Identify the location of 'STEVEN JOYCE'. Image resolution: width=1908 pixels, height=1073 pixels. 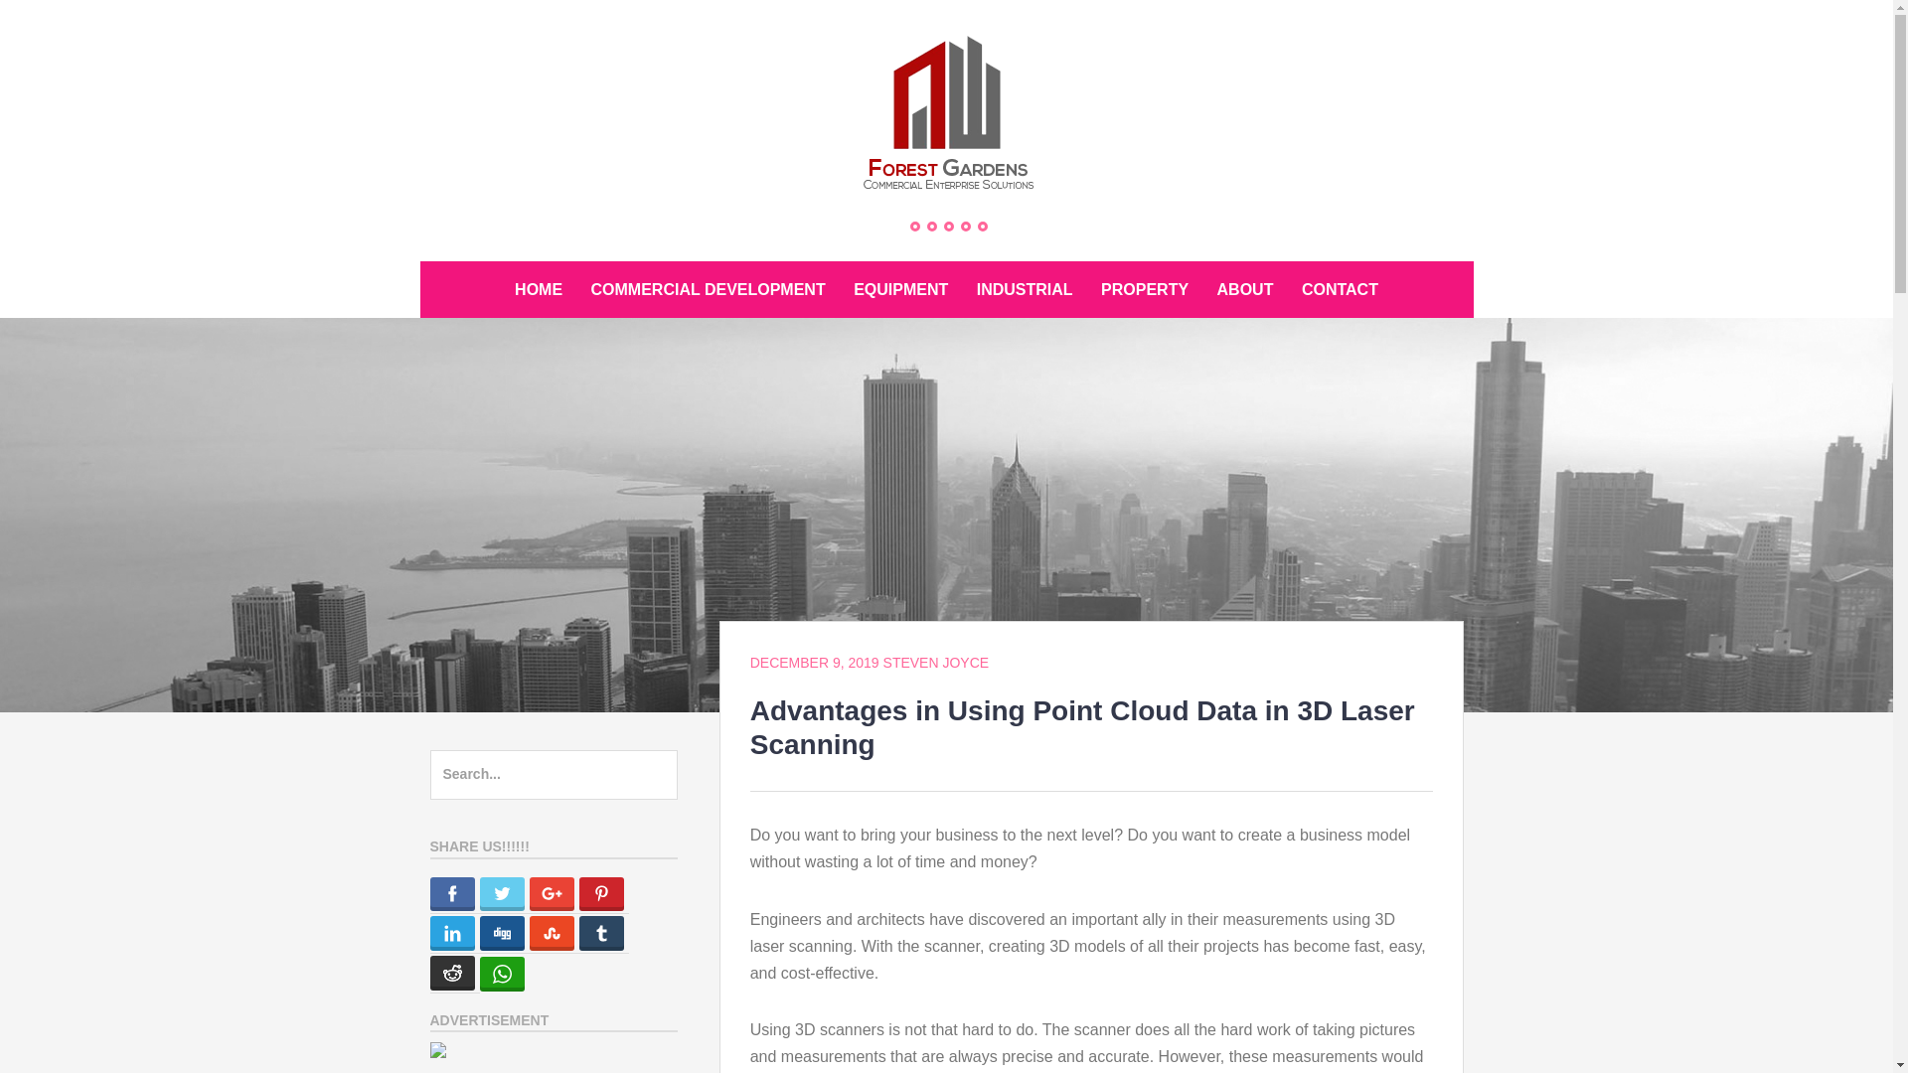
(935, 663).